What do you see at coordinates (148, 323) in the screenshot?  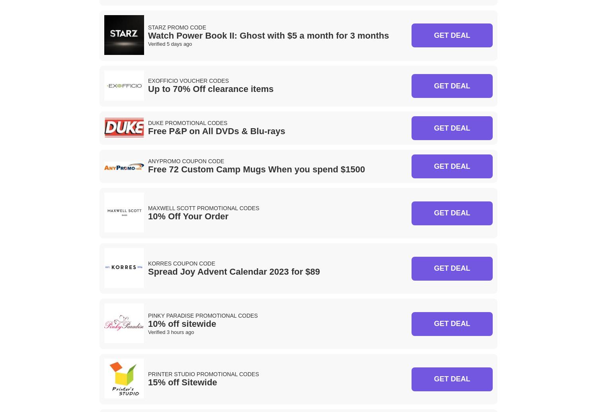 I see `'10% off sitewide'` at bounding box center [148, 323].